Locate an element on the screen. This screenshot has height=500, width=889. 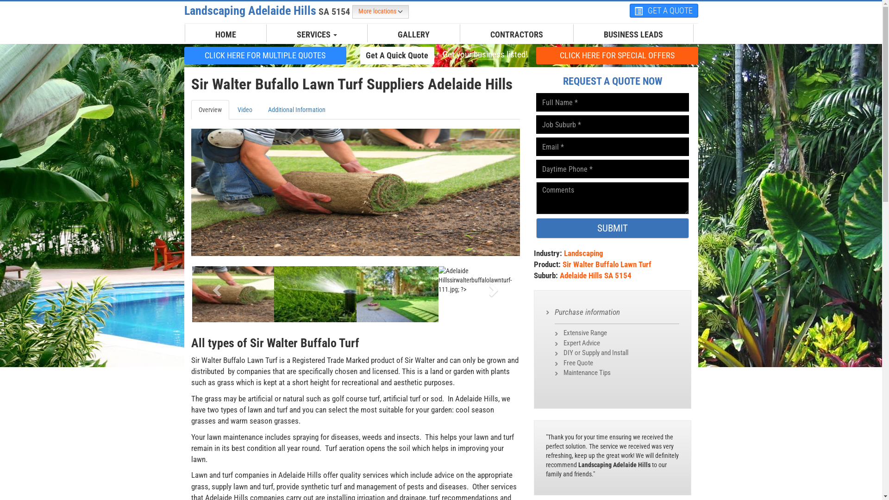
'Additional Information' is located at coordinates (295, 109).